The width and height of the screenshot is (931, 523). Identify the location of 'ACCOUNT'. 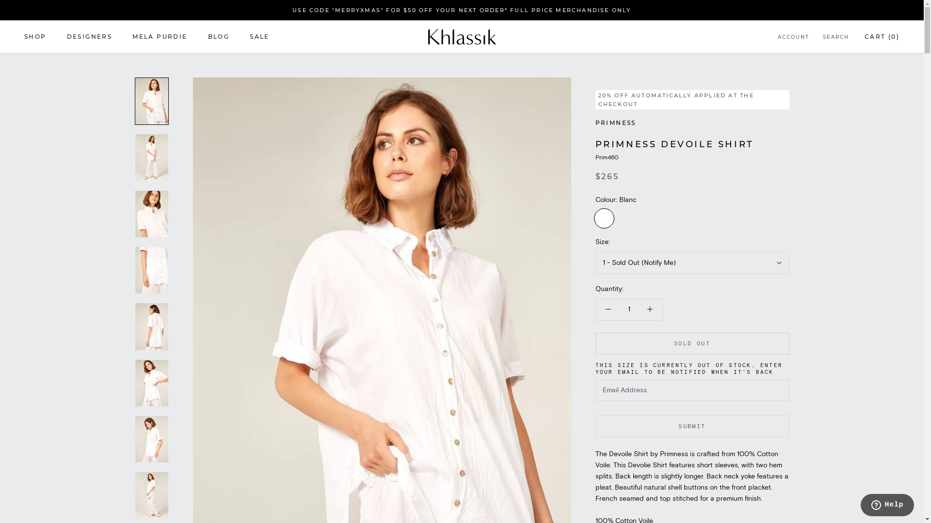
(793, 37).